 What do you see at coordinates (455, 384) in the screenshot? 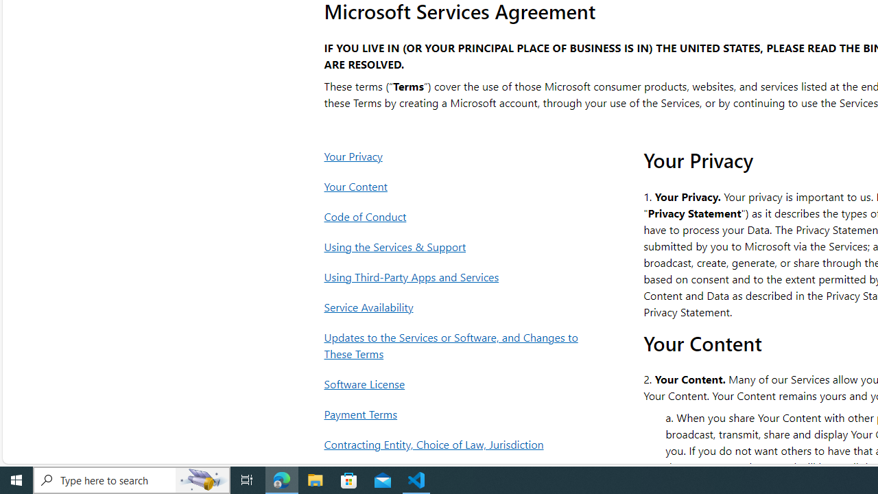
I see `'Software License'` at bounding box center [455, 384].